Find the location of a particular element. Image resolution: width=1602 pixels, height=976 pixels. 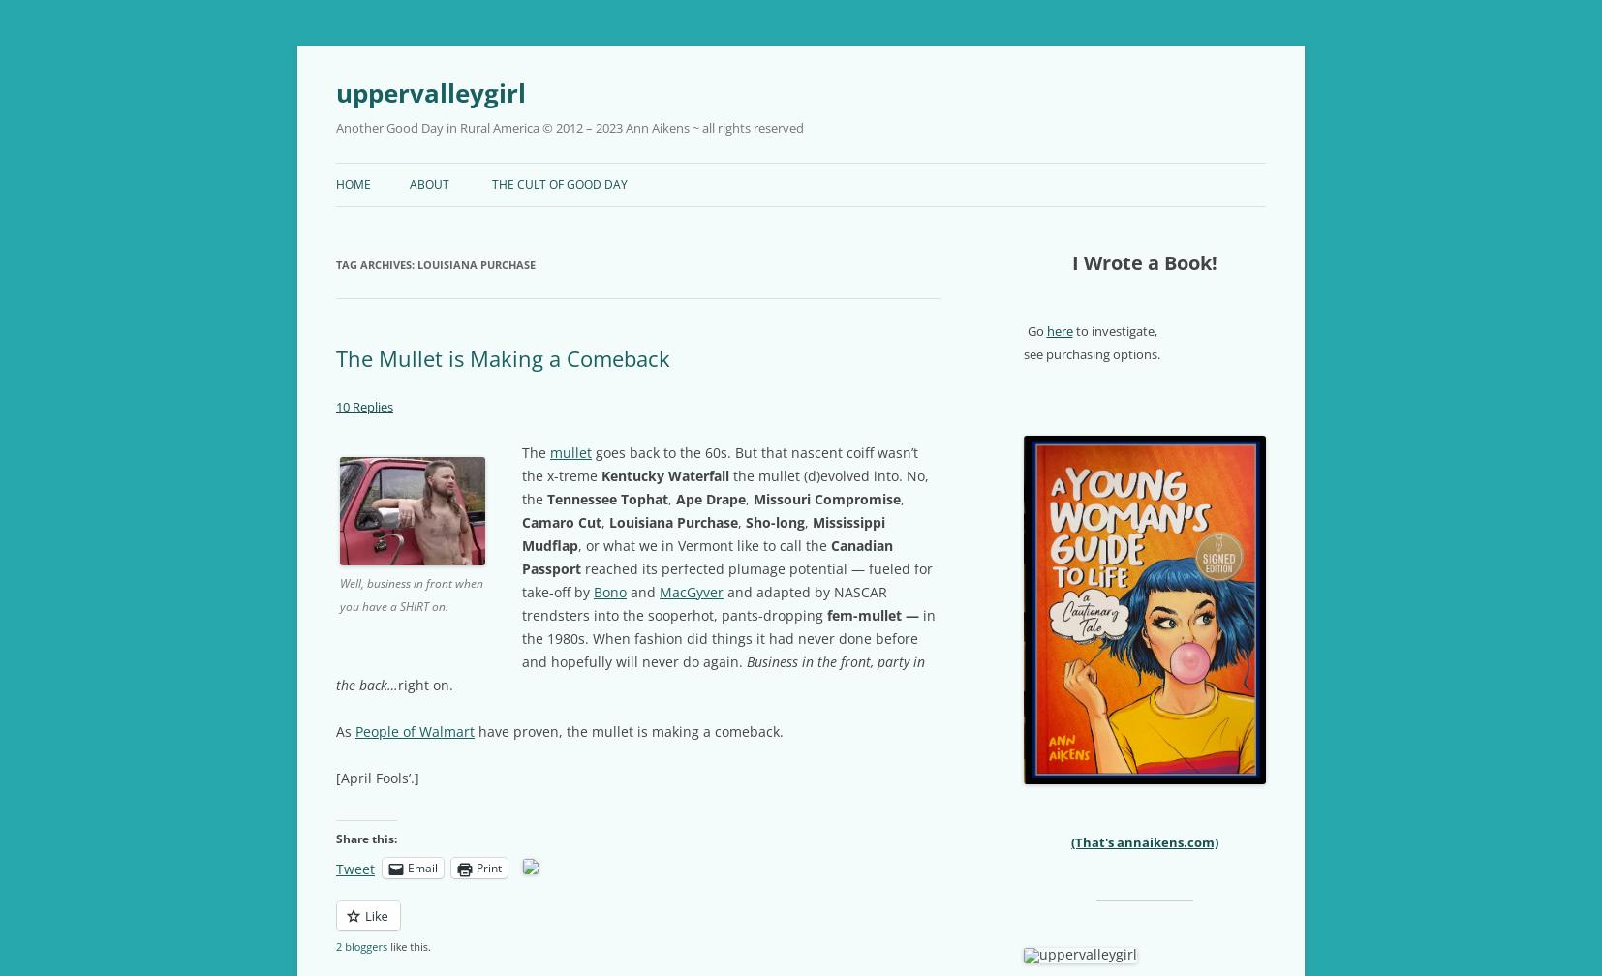

'The Mullet is Making a Comeback' is located at coordinates (503, 358).